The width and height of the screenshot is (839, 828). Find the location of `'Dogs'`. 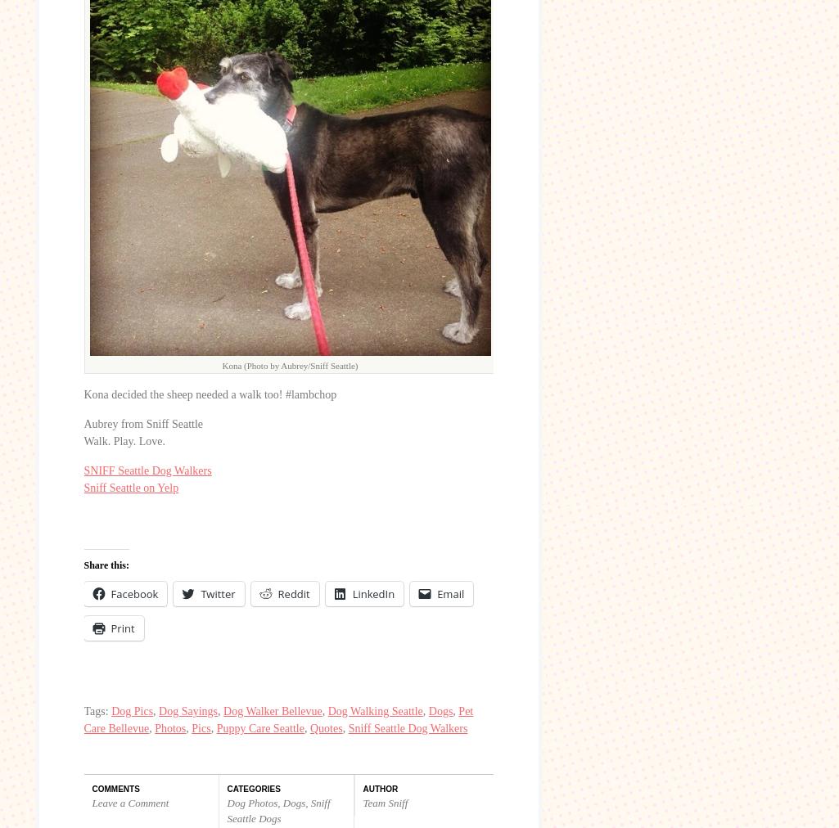

'Dogs' is located at coordinates (440, 709).